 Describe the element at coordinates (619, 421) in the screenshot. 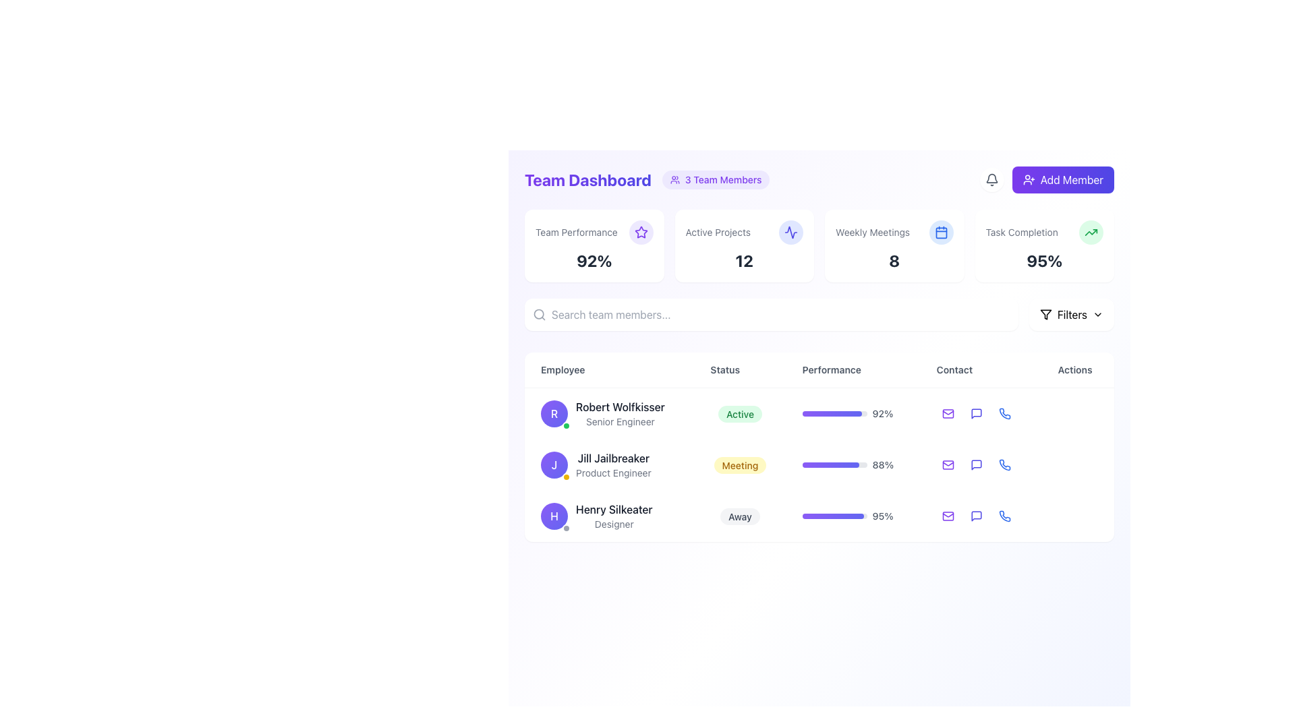

I see `the text label reading 'Senior Engineer' located below 'Robert Wolfkisser' in the employee list` at that location.